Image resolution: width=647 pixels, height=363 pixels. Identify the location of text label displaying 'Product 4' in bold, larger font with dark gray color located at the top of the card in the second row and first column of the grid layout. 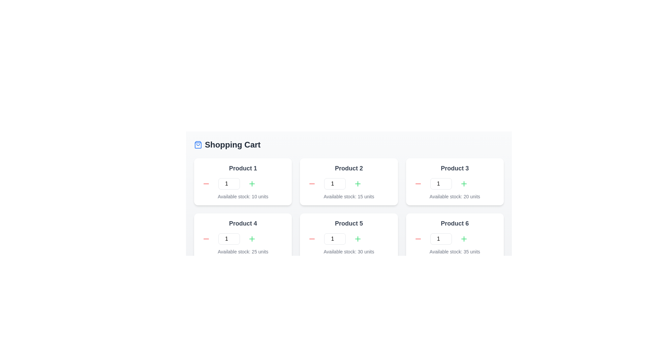
(243, 223).